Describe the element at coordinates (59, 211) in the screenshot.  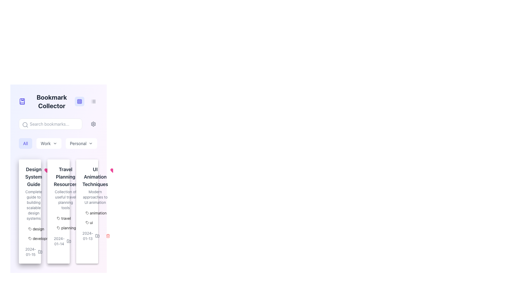
I see `the 'Travel Planning Resources' Information Card` at that location.